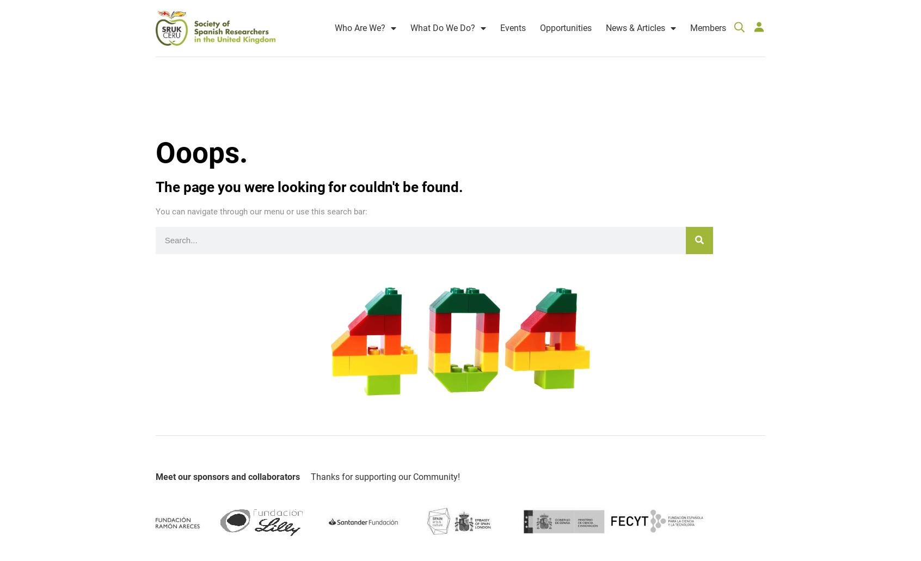  I want to click on 'You can navigate through our menu or use this search bar:', so click(261, 201).